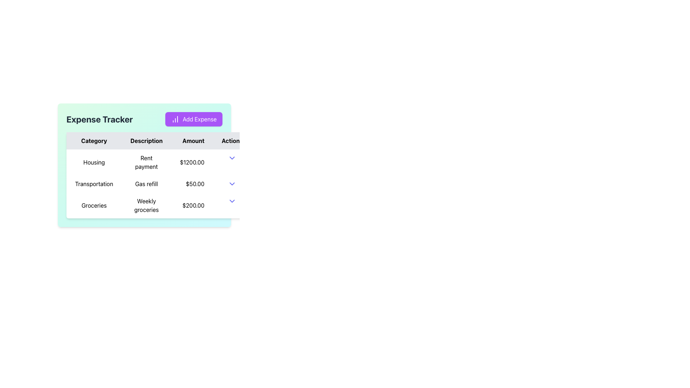  What do you see at coordinates (158, 141) in the screenshot?
I see `the data` at bounding box center [158, 141].